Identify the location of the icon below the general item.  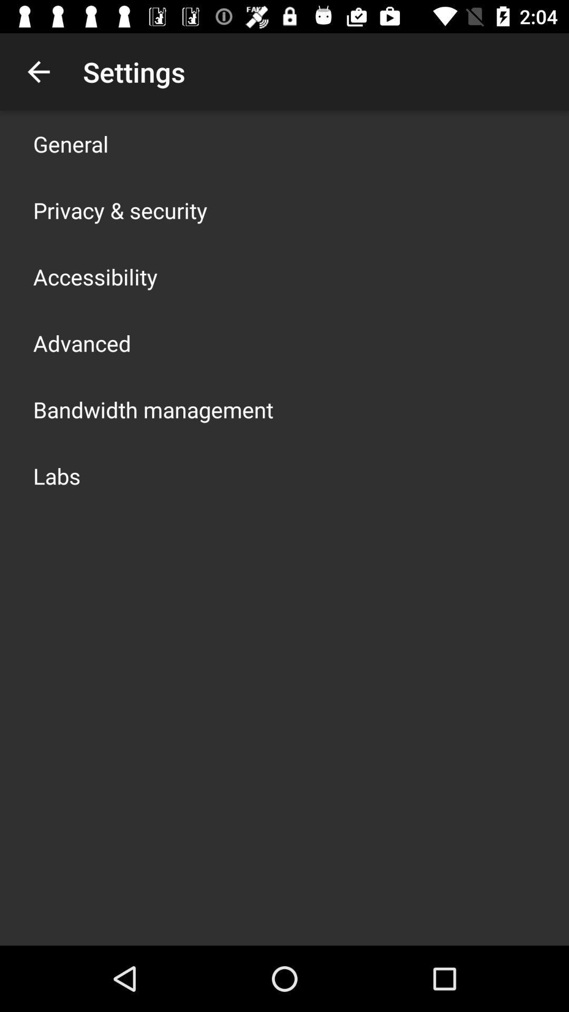
(120, 210).